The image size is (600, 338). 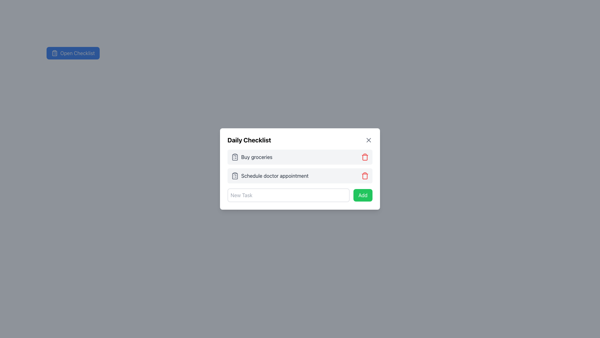 What do you see at coordinates (275, 176) in the screenshot?
I see `the static text label displaying 'Schedule doctor appointment', which is located in the 'Daily Checklist' modal and is the second item in the checklist` at bounding box center [275, 176].